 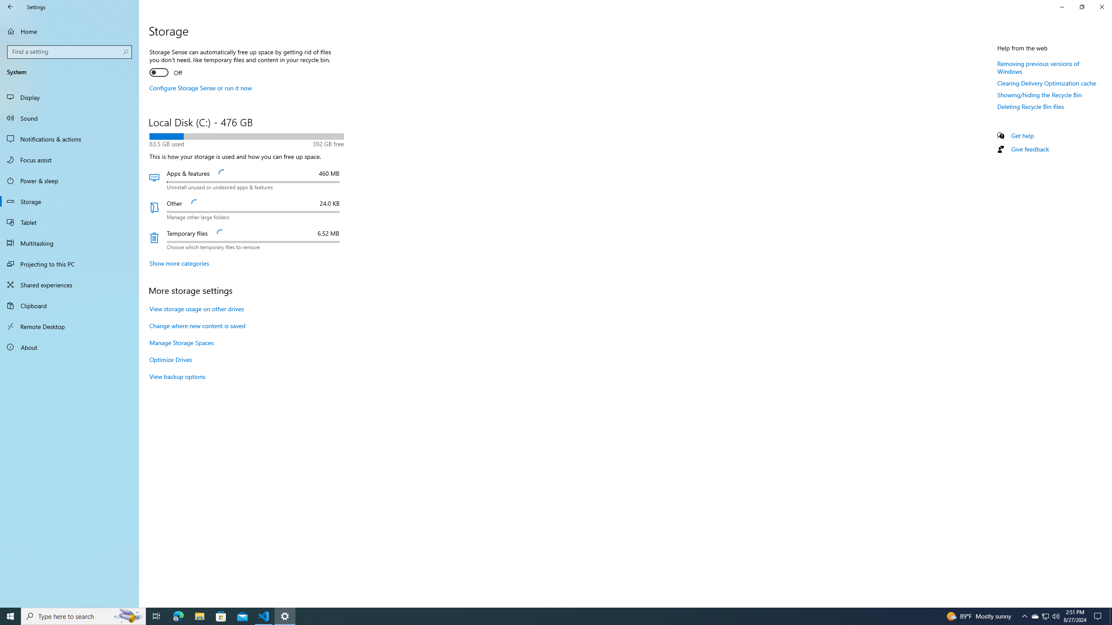 What do you see at coordinates (1039, 95) in the screenshot?
I see `'Showing/hiding the Recycle Bin'` at bounding box center [1039, 95].